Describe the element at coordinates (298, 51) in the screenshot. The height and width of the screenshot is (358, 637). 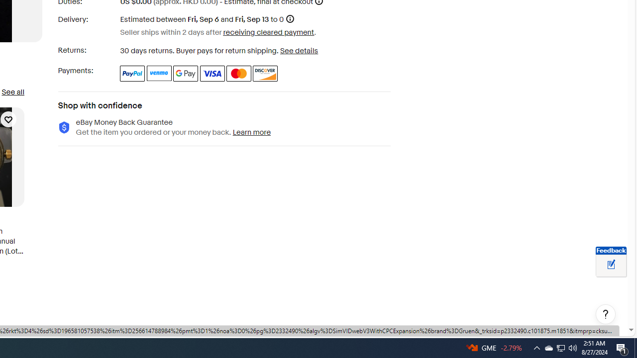
I see `'See details - for more information about returns'` at that location.